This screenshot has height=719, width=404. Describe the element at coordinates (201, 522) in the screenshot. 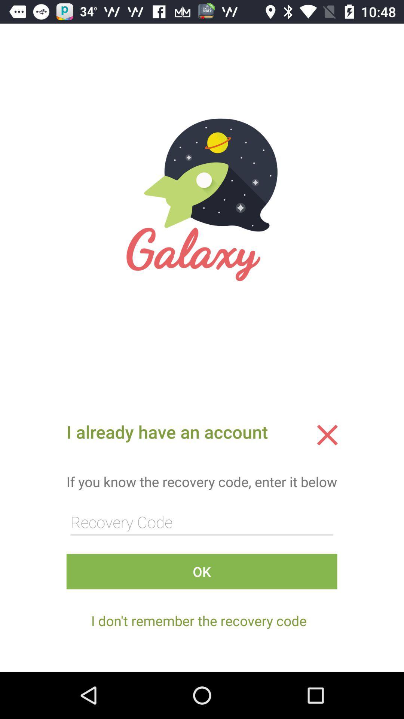

I see `type recovery code` at that location.